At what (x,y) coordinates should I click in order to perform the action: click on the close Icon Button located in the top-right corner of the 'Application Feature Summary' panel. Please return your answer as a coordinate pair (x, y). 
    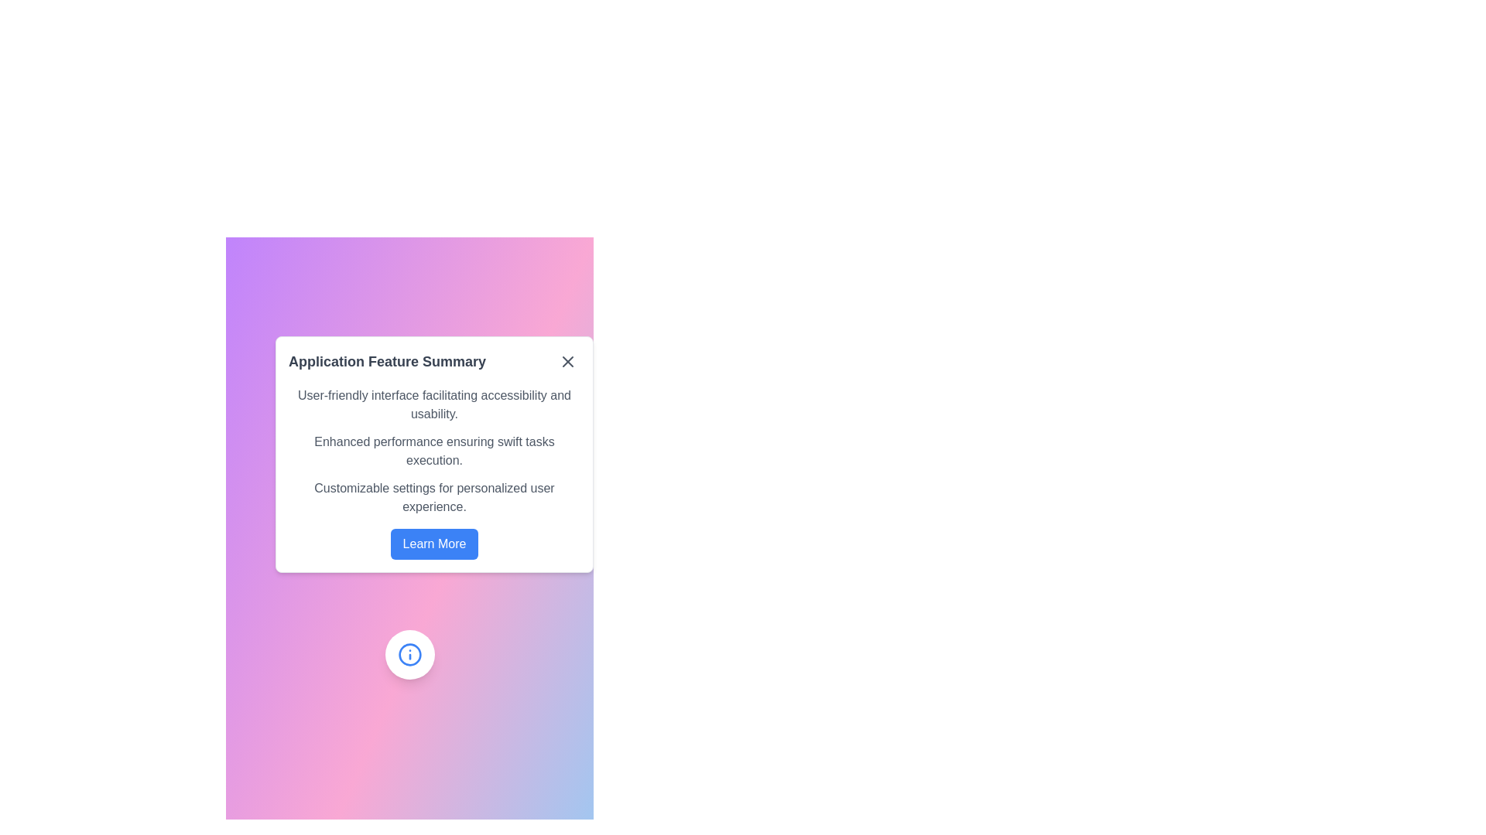
    Looking at the image, I should click on (567, 361).